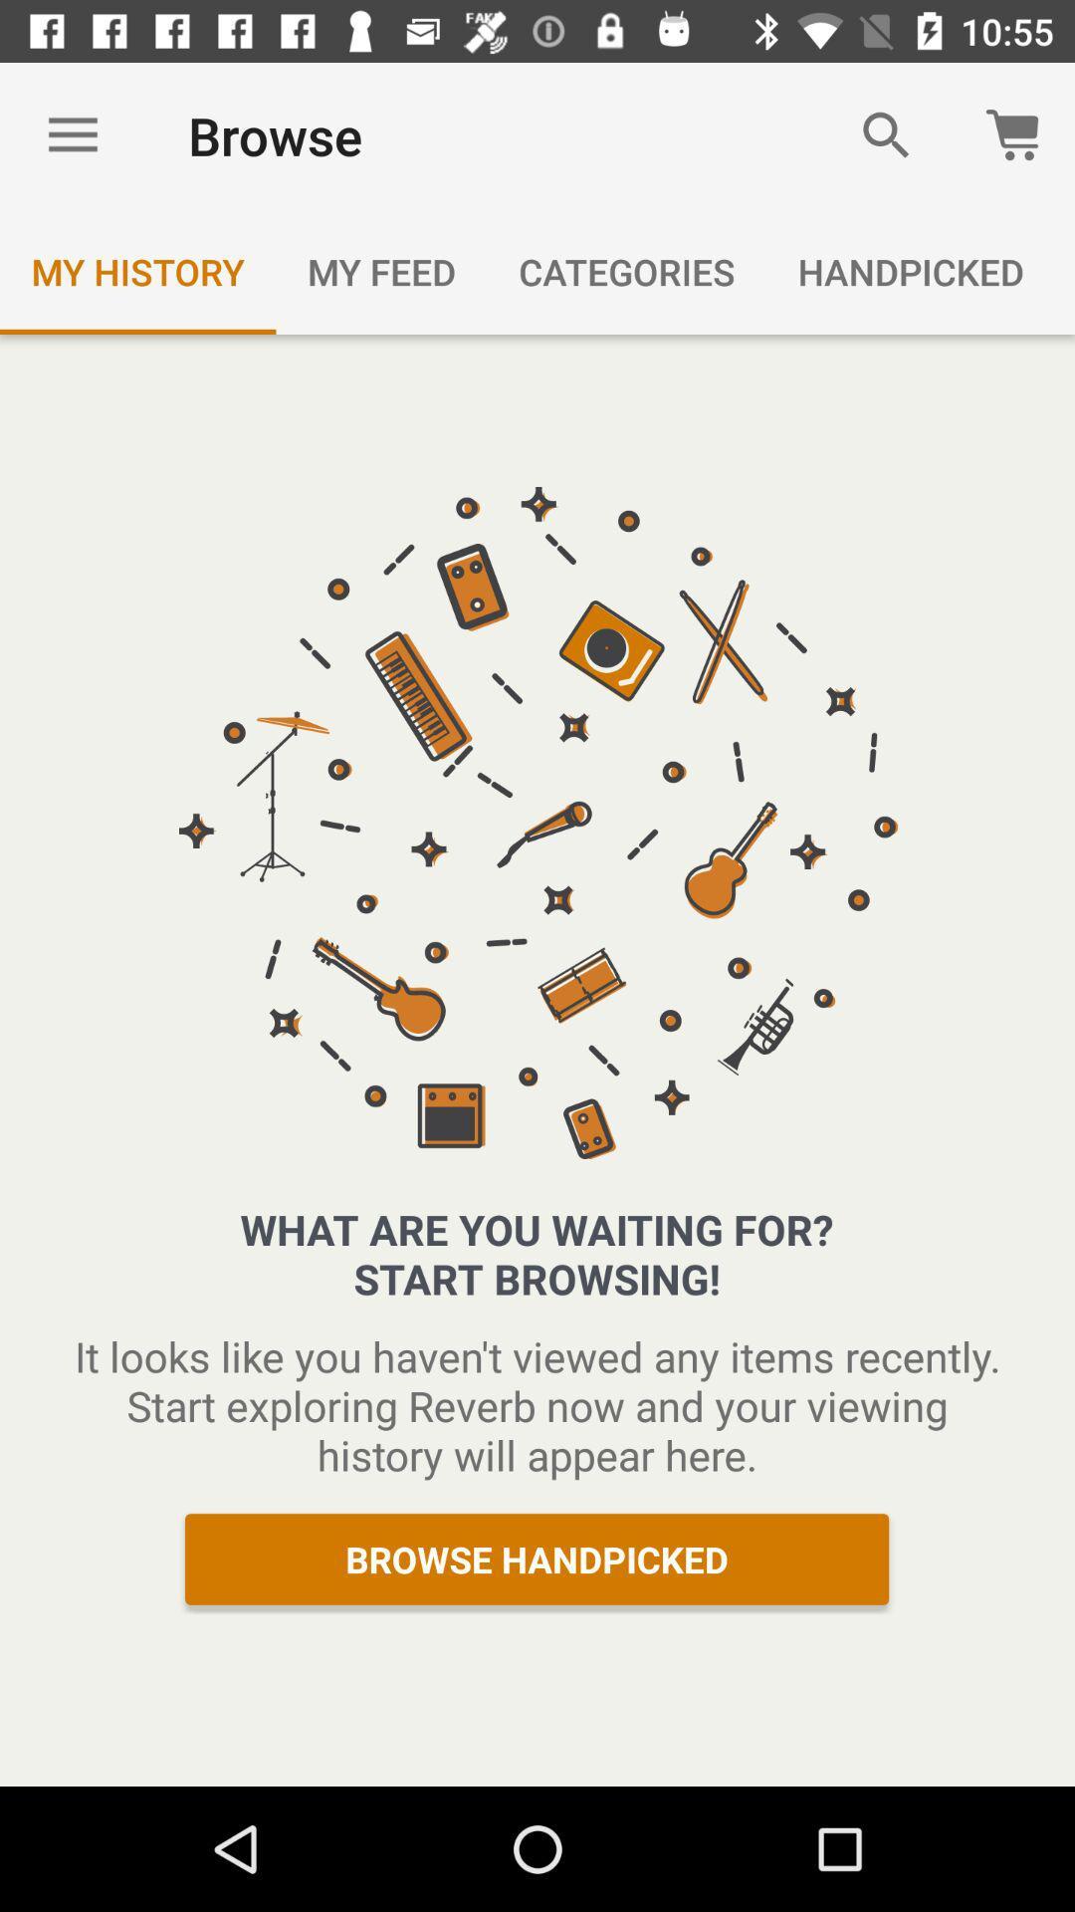 The image size is (1075, 1912). I want to click on the item to the left of the browse item, so click(72, 134).